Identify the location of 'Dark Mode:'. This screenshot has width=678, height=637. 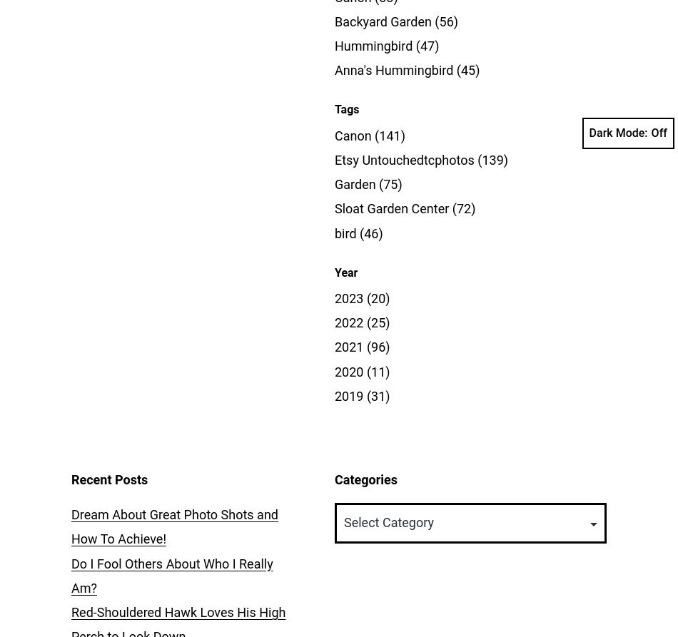
(617, 132).